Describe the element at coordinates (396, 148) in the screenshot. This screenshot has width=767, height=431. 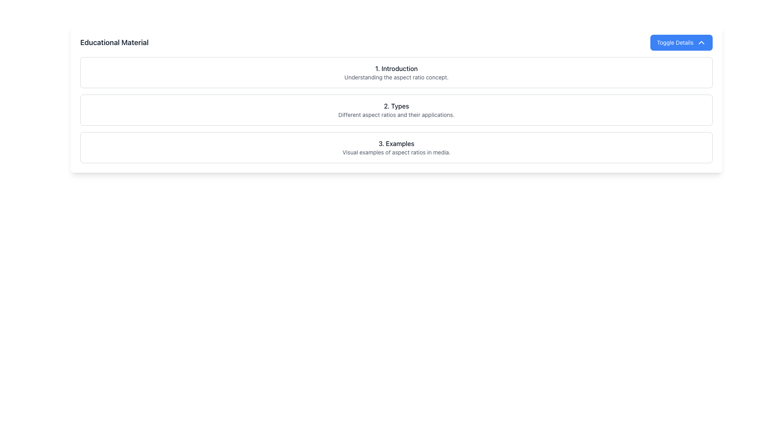
I see `the '3. Examples' section header which includes the subtitle 'Visual examples of aspect ratios in media.'` at that location.